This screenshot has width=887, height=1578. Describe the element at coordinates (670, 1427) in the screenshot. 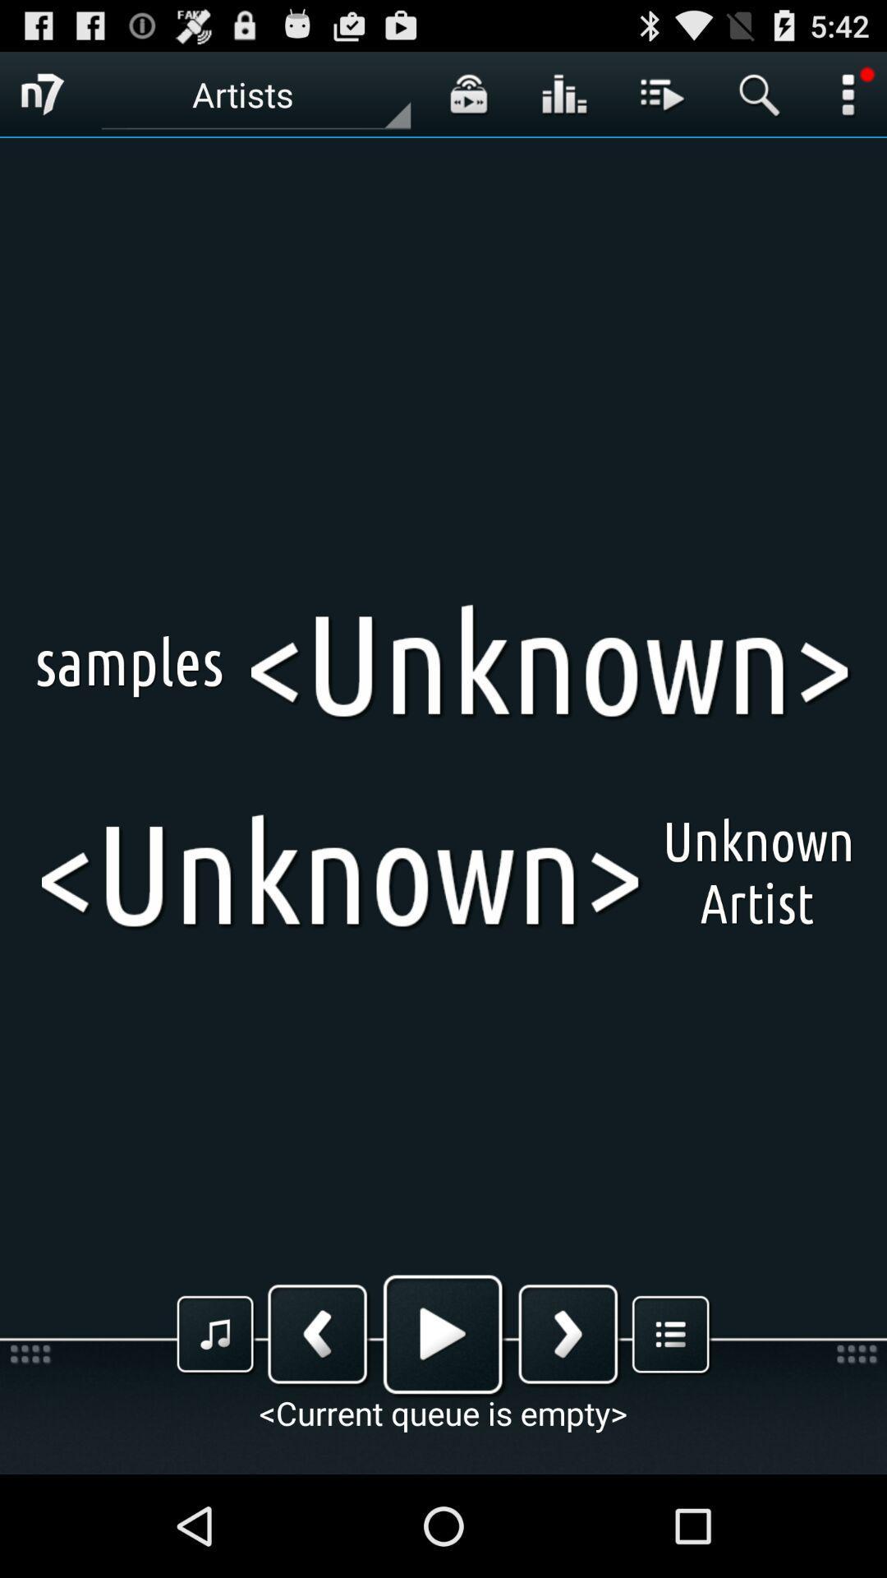

I see `the list icon` at that location.